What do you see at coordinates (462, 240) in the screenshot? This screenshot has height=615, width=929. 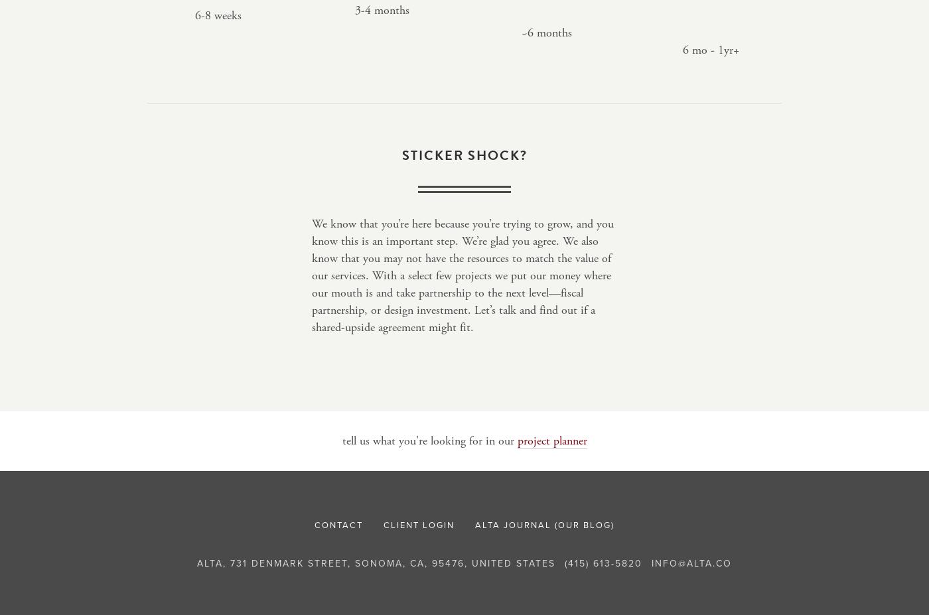 I see `'We know that you’re here because you’re trying to grow, and you know this is an important step. We’re glad you agree. We also know that you'` at bounding box center [462, 240].